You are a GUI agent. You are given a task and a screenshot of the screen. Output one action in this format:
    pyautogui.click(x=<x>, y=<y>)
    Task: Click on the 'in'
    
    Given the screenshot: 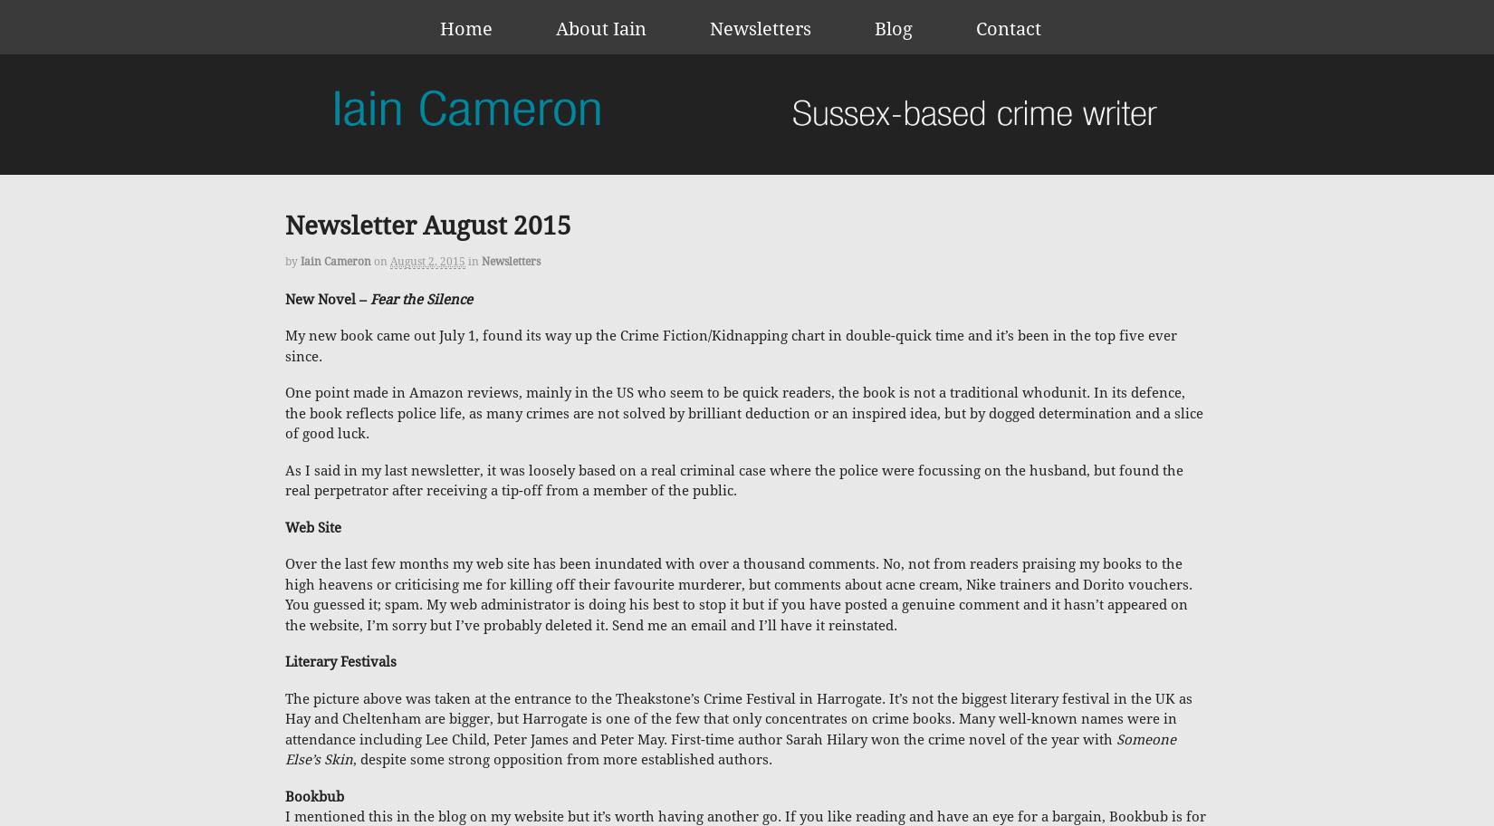 What is the action you would take?
    pyautogui.click(x=473, y=261)
    